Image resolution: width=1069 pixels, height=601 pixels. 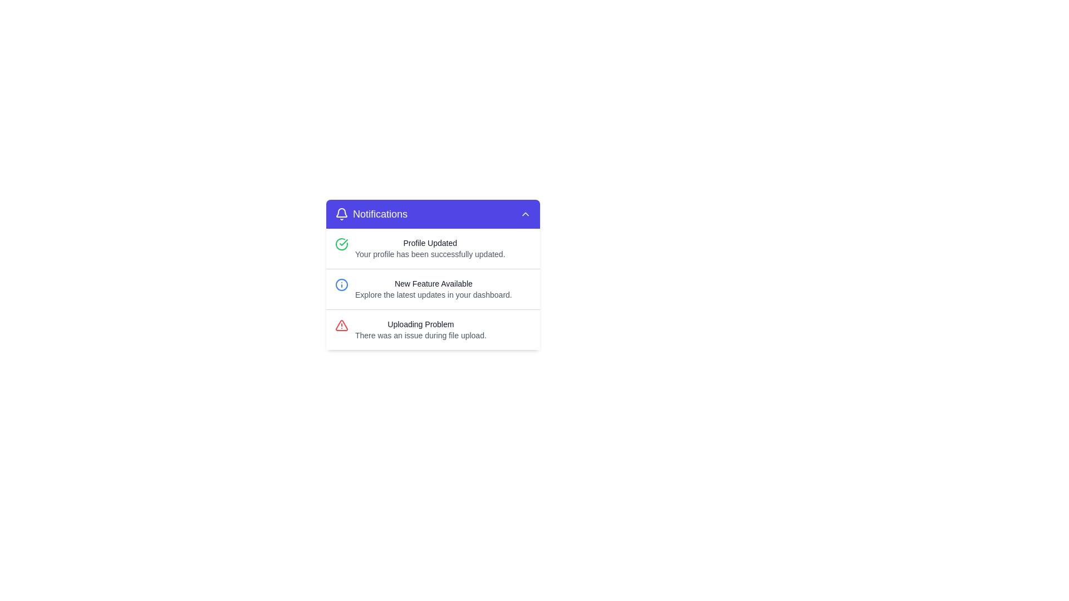 I want to click on the 'Notifications' label with a bell icon, which is located on the leftmost part of the top bar of the notification panel, featuring a purple background with rounded edges, so click(x=371, y=214).